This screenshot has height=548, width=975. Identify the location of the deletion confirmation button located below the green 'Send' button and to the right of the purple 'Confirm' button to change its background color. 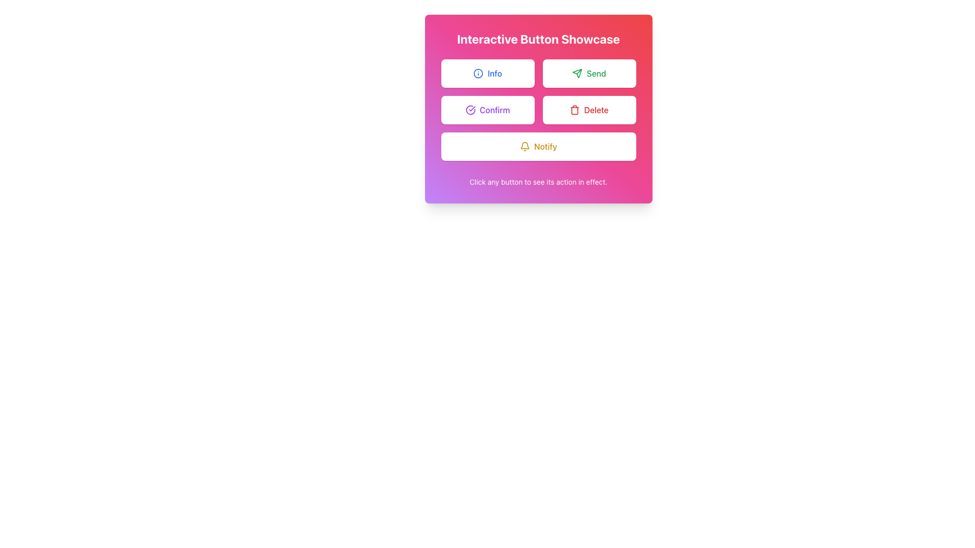
(589, 110).